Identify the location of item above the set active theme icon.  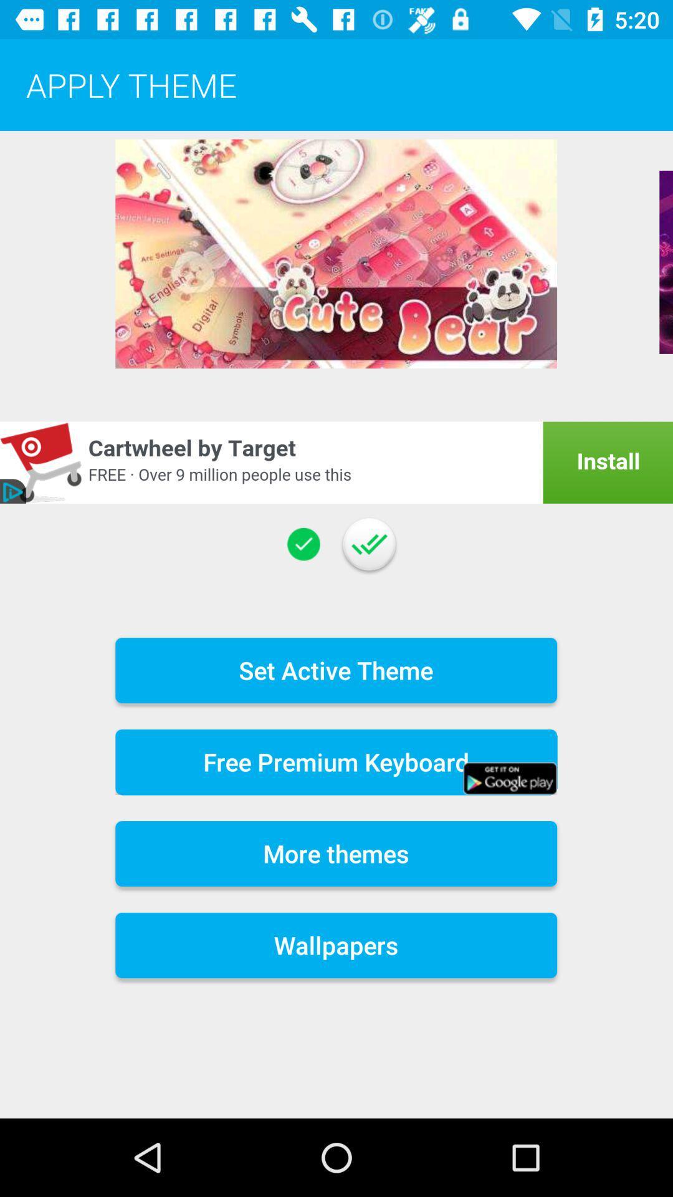
(303, 544).